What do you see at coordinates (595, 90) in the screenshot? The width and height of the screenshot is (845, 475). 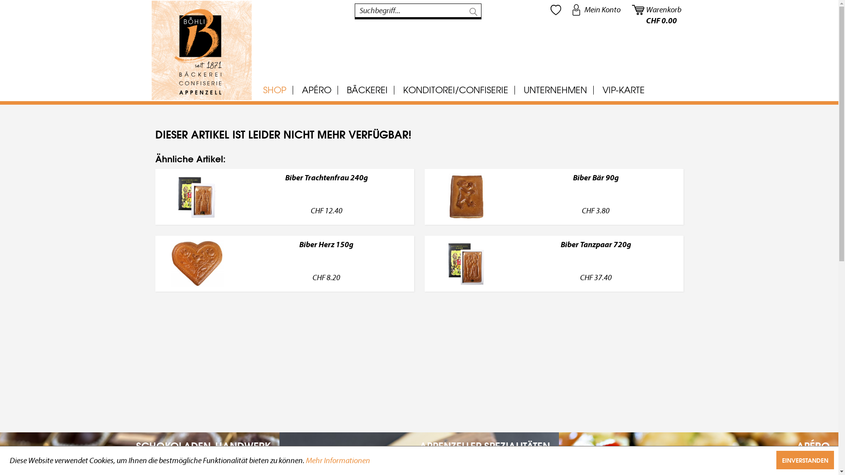 I see `'VIP-KARTE'` at bounding box center [595, 90].